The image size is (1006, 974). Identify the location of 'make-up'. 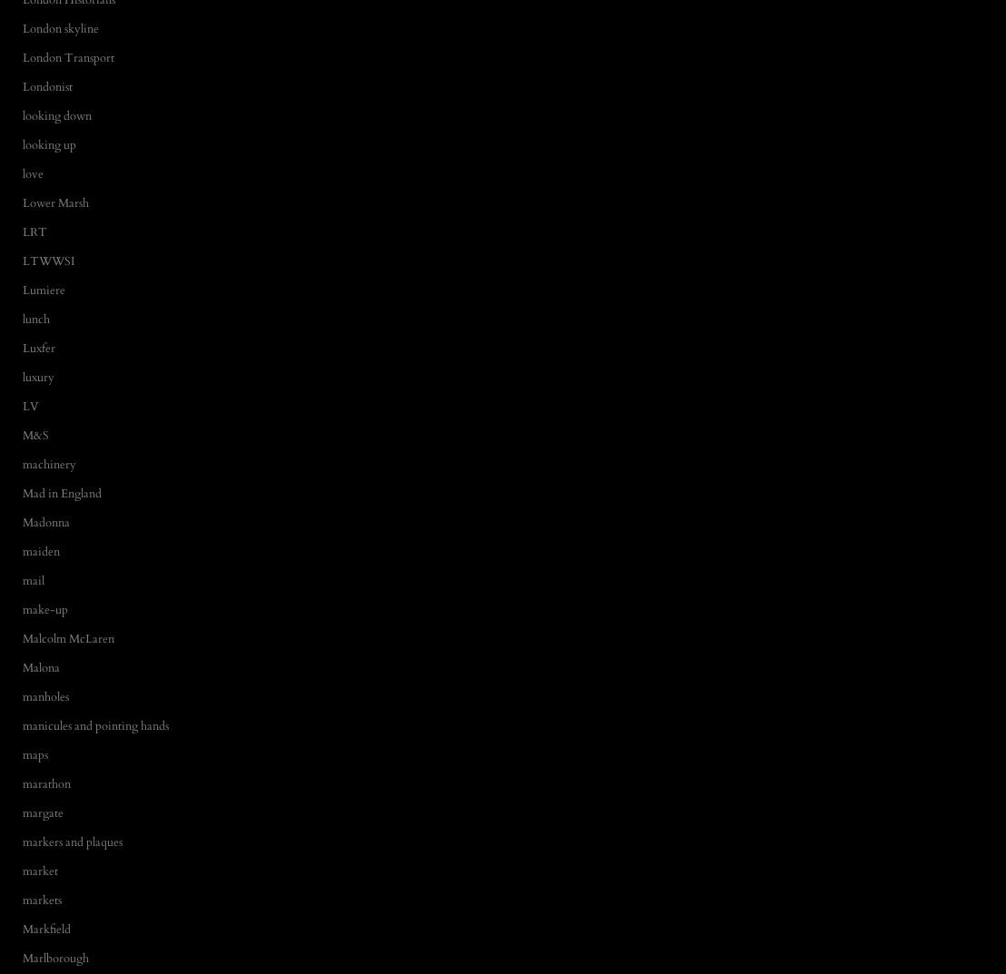
(44, 608).